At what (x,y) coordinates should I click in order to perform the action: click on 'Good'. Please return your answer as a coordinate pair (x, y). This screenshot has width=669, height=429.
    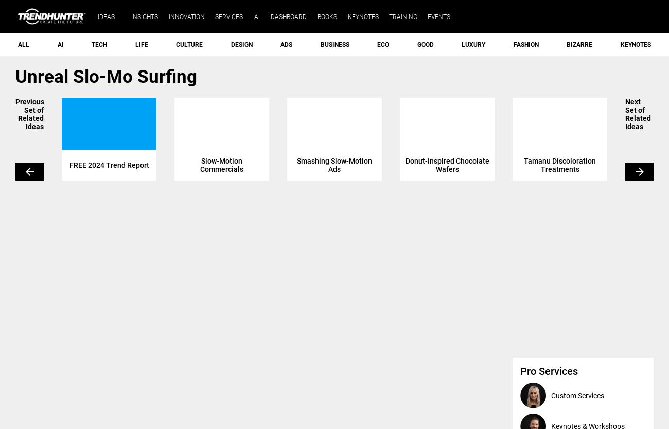
    Looking at the image, I should click on (425, 44).